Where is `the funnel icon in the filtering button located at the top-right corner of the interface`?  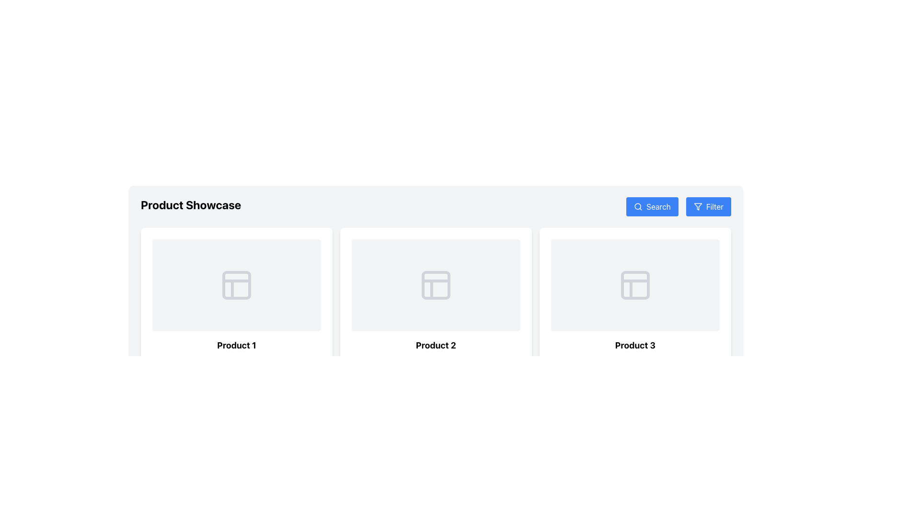 the funnel icon in the filtering button located at the top-right corner of the interface is located at coordinates (698, 206).